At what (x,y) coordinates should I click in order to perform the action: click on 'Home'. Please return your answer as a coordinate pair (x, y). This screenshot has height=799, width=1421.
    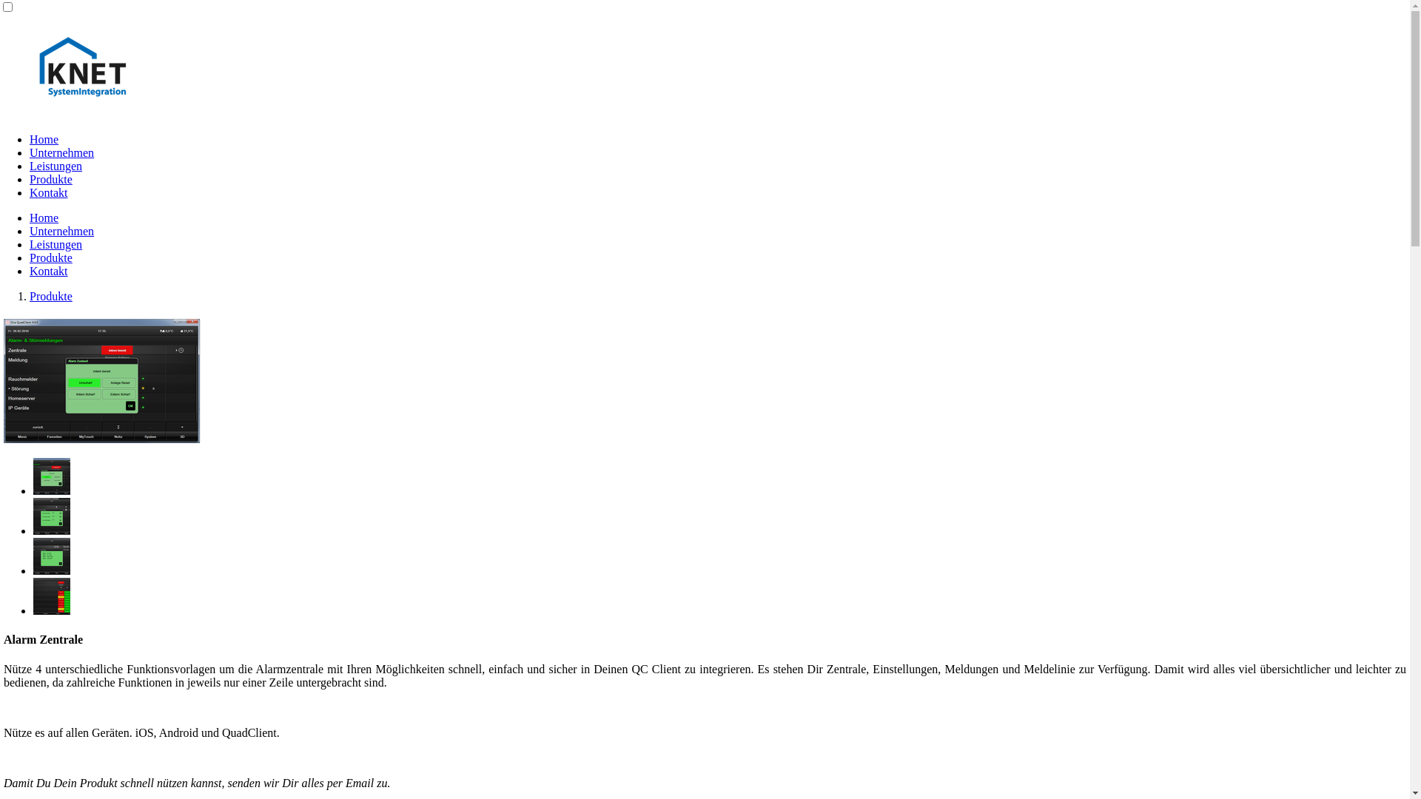
    Looking at the image, I should click on (44, 139).